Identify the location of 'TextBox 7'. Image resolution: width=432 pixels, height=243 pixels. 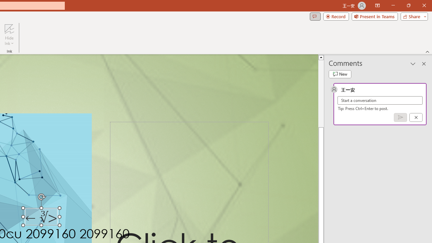
(41, 218).